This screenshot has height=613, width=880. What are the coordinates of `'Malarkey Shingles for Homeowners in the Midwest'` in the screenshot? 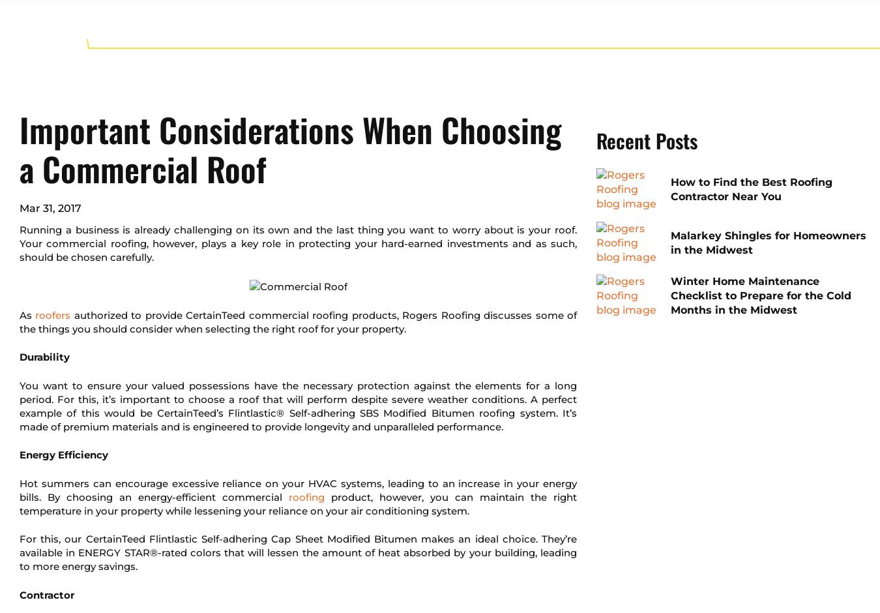 It's located at (767, 241).